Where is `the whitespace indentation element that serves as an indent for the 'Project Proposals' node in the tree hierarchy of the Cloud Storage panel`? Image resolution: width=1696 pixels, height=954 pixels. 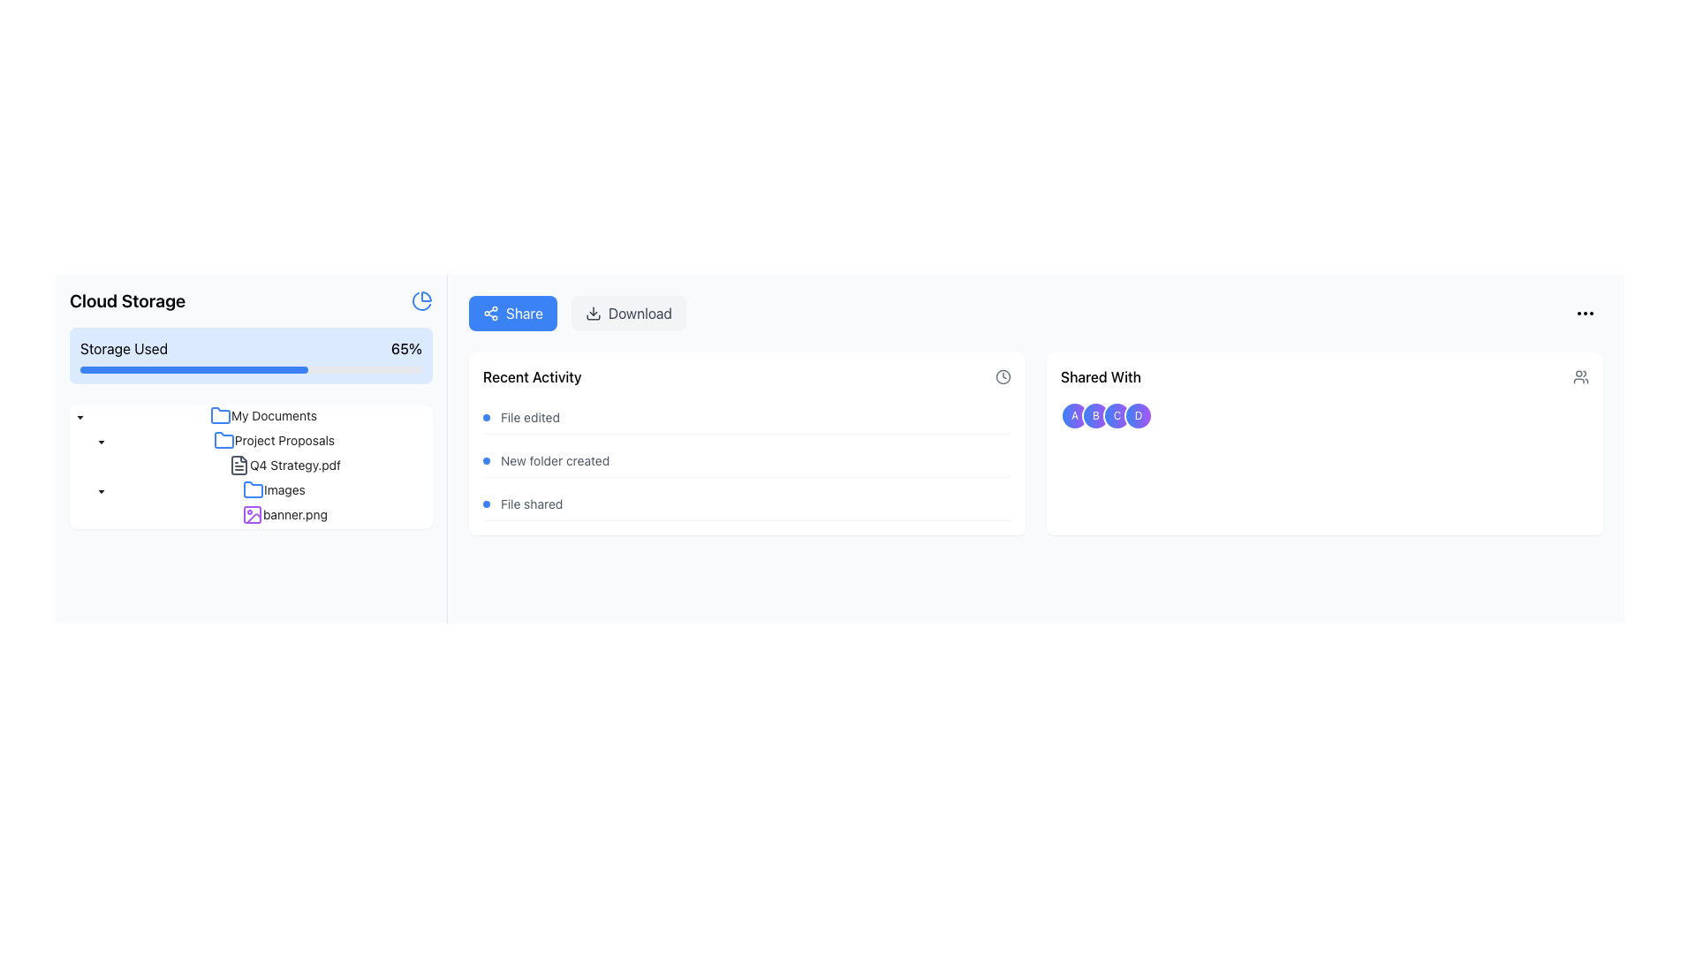
the whitespace indentation element that serves as an indent for the 'Project Proposals' node in the tree hierarchy of the Cloud Storage panel is located at coordinates (79, 439).